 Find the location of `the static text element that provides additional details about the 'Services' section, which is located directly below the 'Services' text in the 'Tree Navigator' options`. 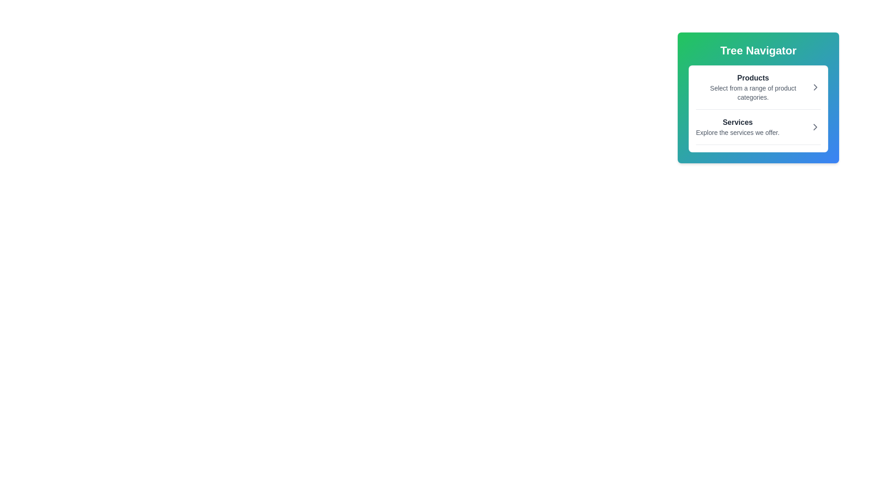

the static text element that provides additional details about the 'Services' section, which is located directly below the 'Services' text in the 'Tree Navigator' options is located at coordinates (738, 132).